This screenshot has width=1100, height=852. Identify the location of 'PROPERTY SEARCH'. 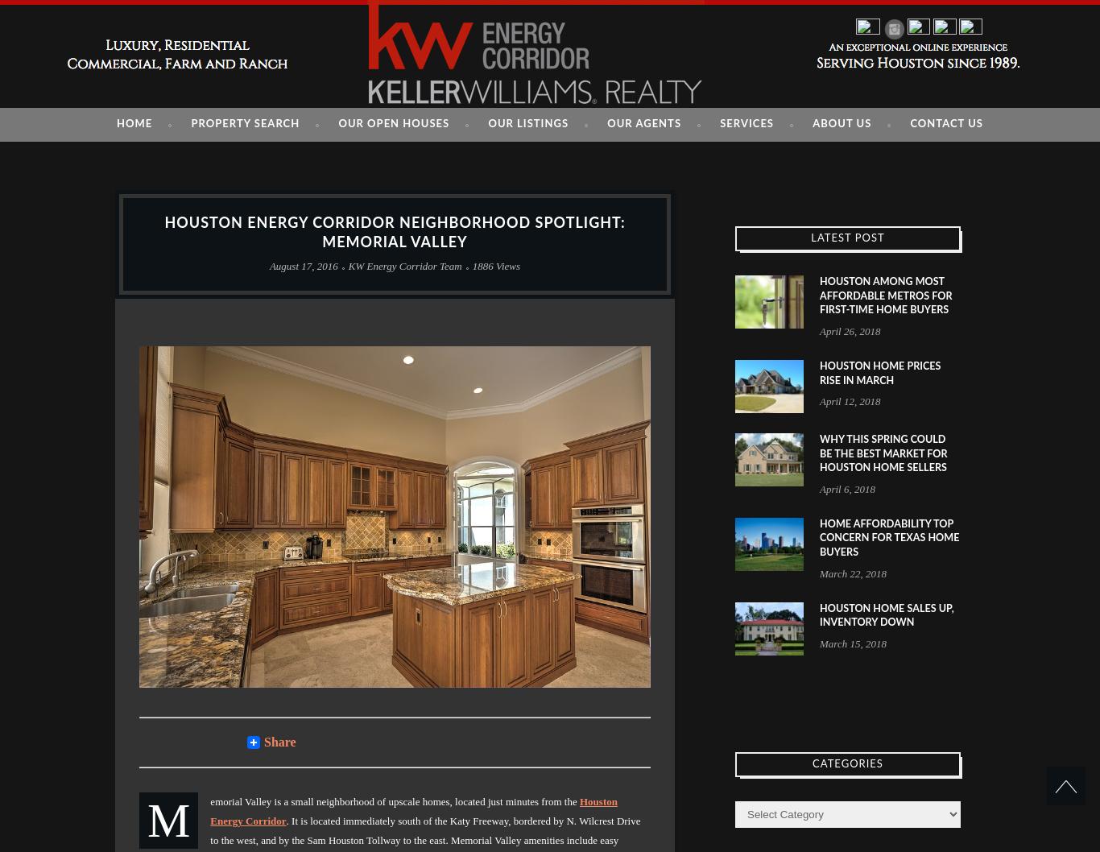
(245, 123).